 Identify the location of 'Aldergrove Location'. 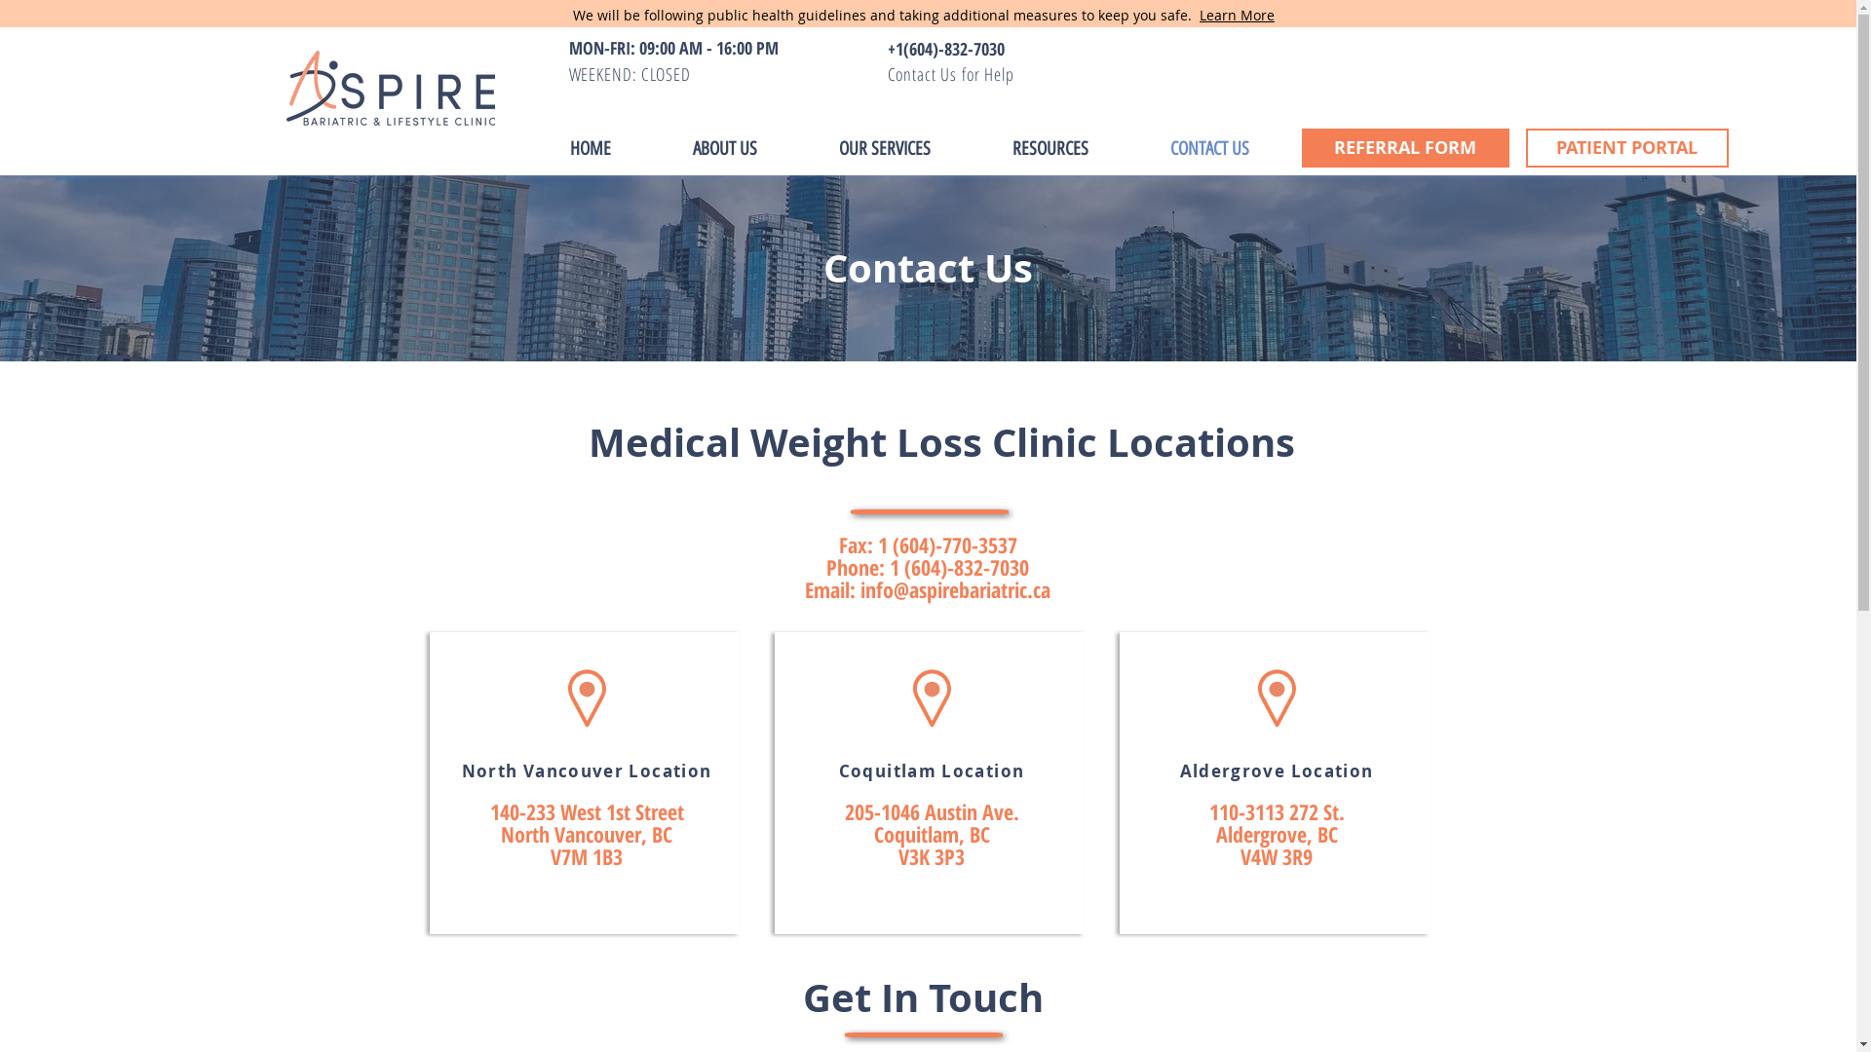
(1178, 768).